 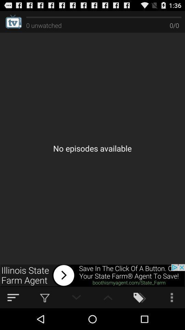 I want to click on advertisement, so click(x=92, y=275).